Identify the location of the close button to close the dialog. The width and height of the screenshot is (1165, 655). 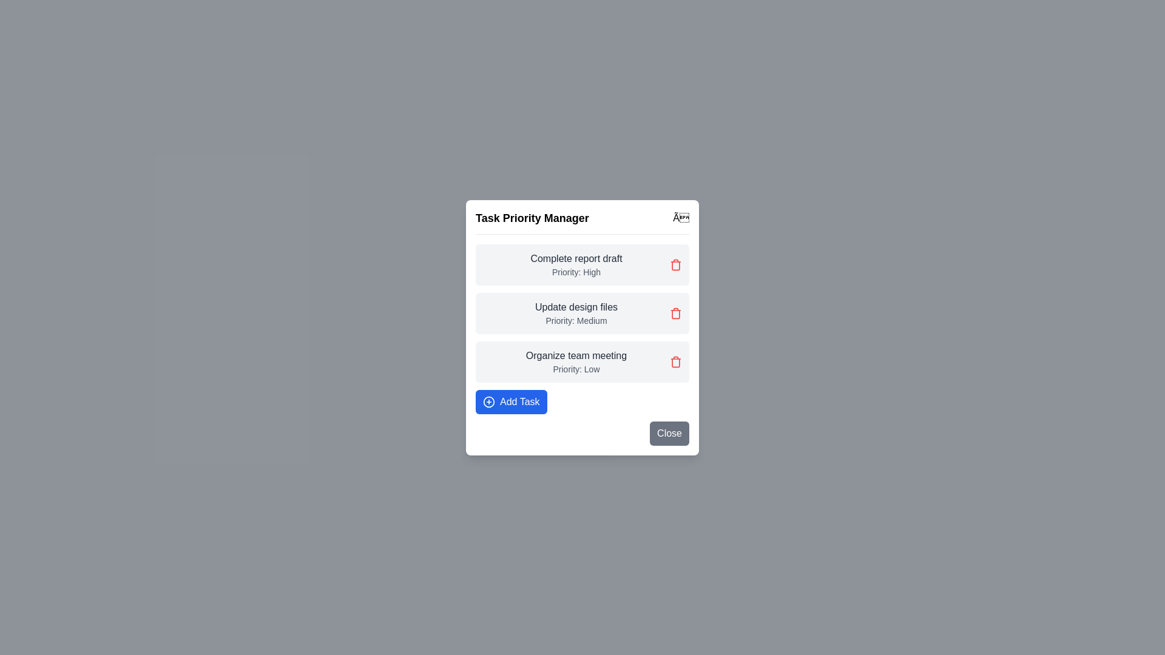
(681, 217).